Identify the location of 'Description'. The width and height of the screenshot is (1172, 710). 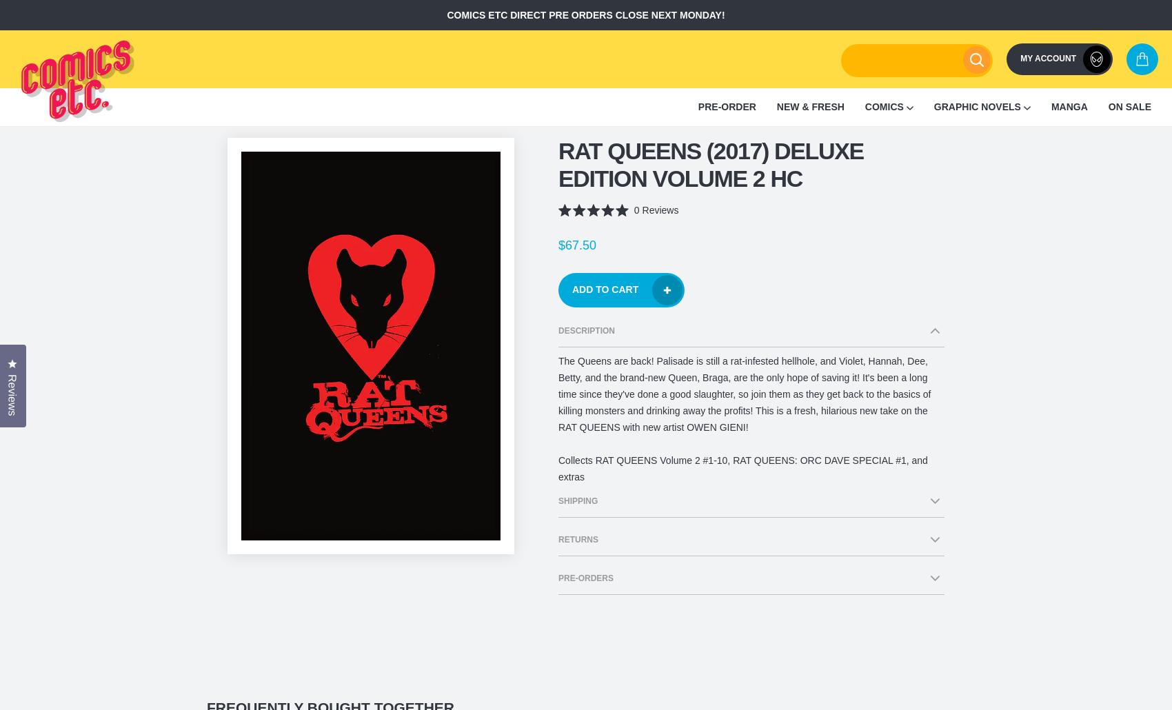
(558, 329).